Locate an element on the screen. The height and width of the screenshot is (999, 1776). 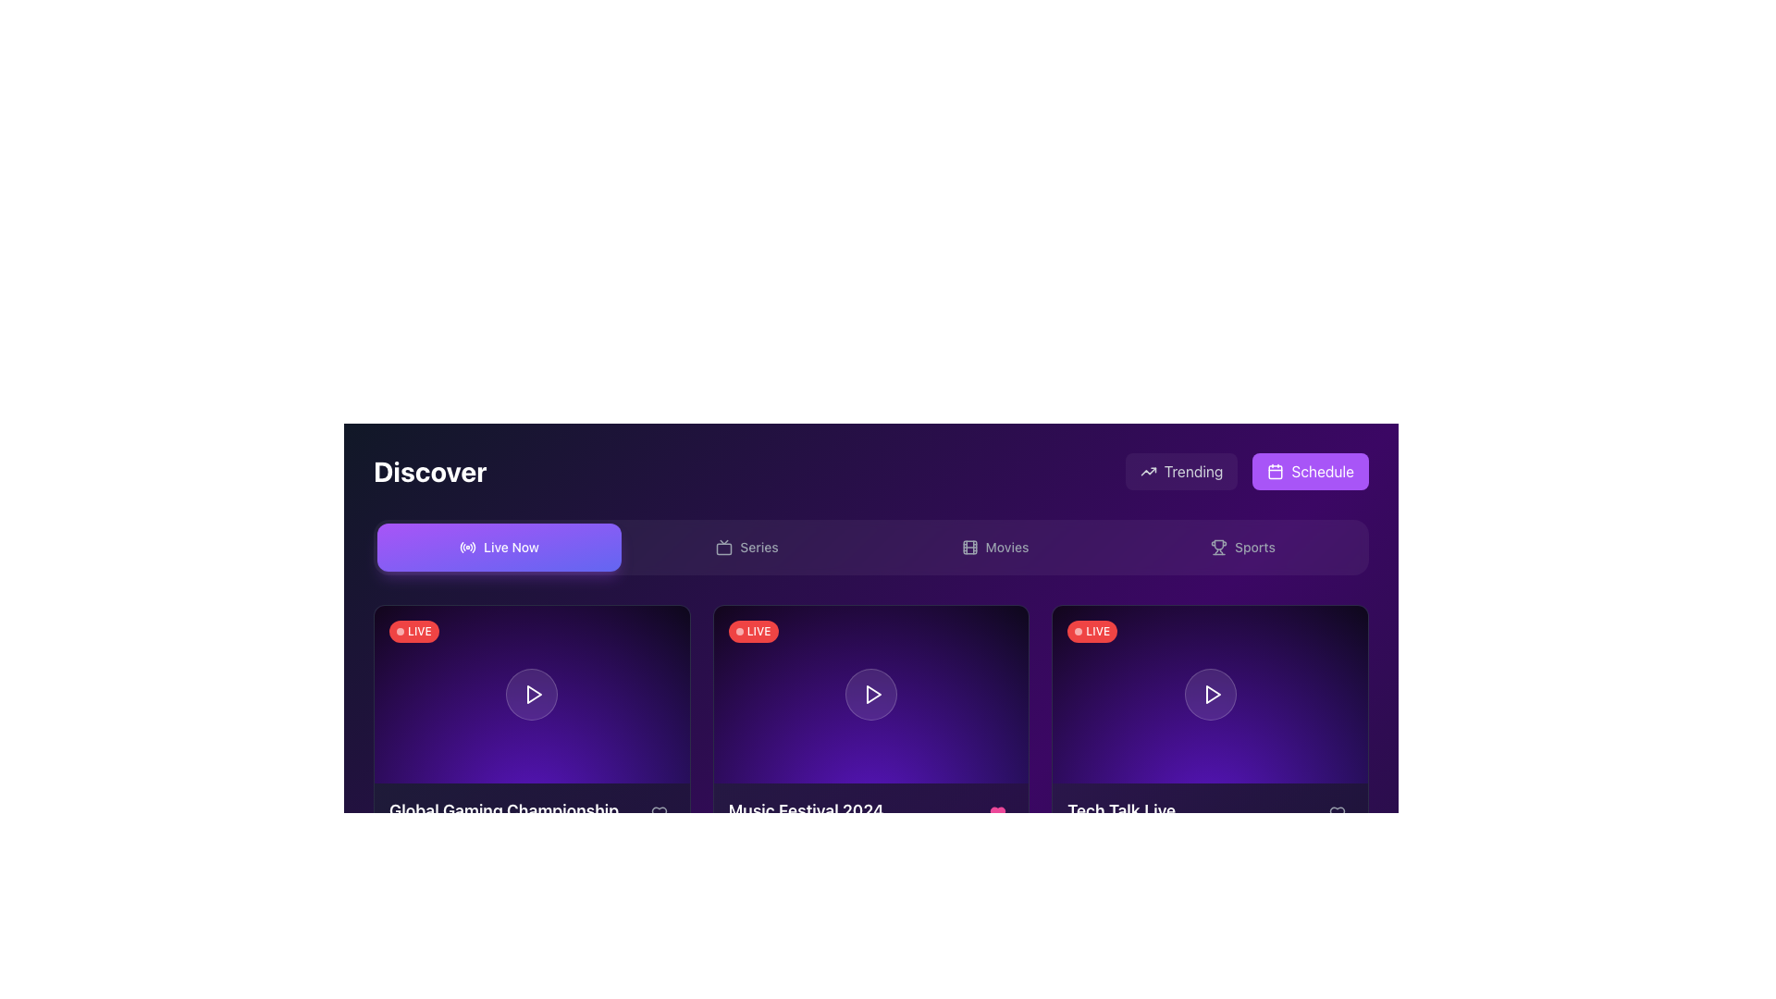
the 'Global Gaming Championship' headline and heart icon component is located at coordinates (531, 812).